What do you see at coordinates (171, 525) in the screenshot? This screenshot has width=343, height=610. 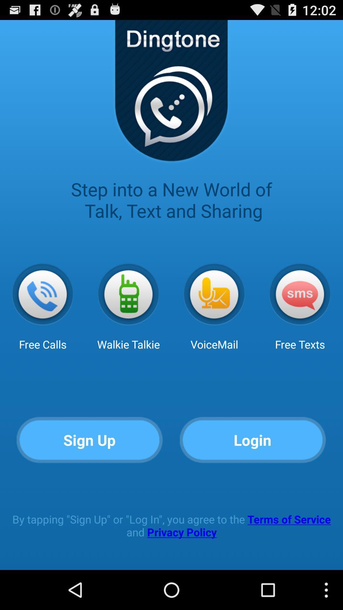 I see `by tapping sign at the bottom` at bounding box center [171, 525].